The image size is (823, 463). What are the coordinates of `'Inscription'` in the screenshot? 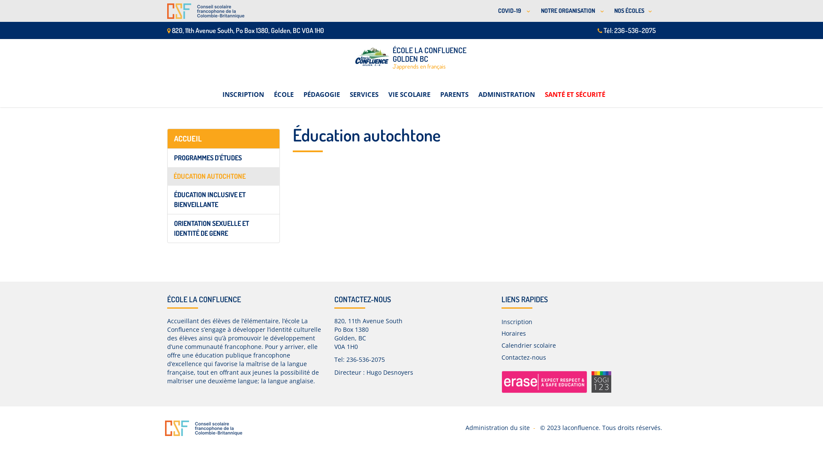 It's located at (516, 322).